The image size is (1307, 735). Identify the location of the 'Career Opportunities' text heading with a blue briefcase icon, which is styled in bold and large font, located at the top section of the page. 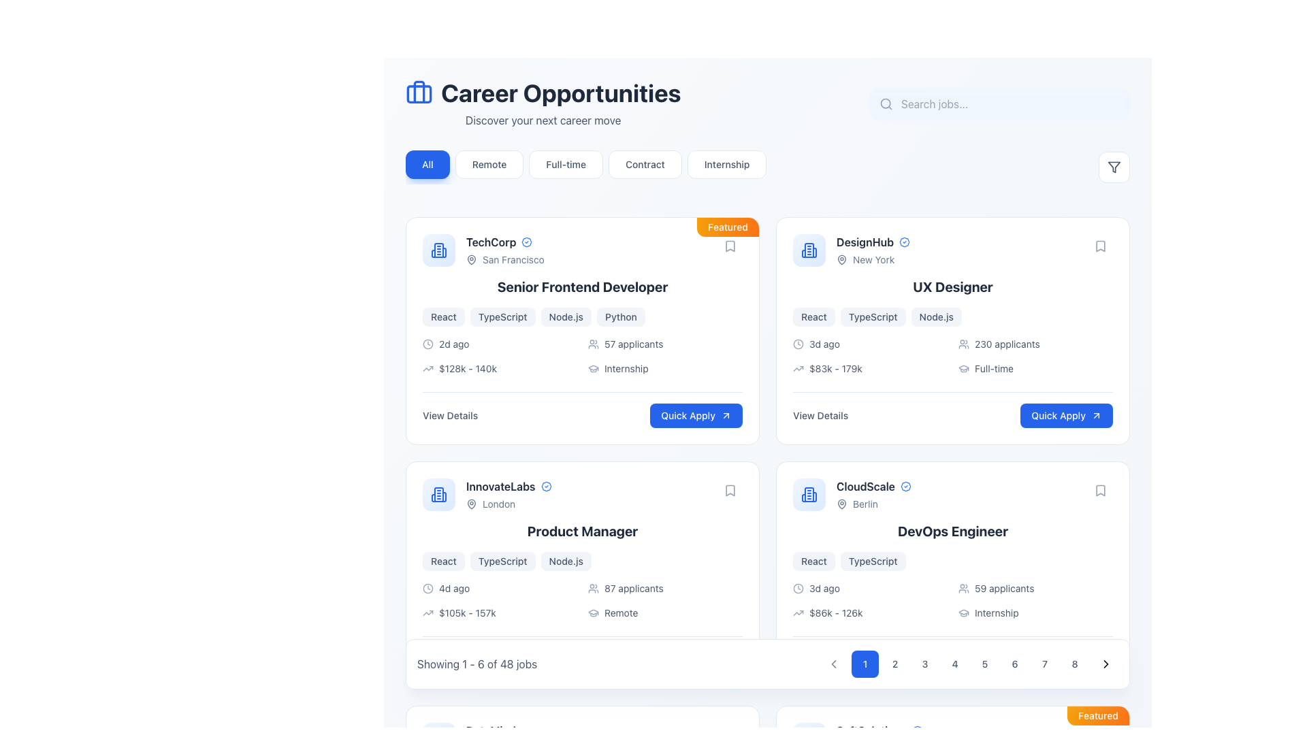
(543, 93).